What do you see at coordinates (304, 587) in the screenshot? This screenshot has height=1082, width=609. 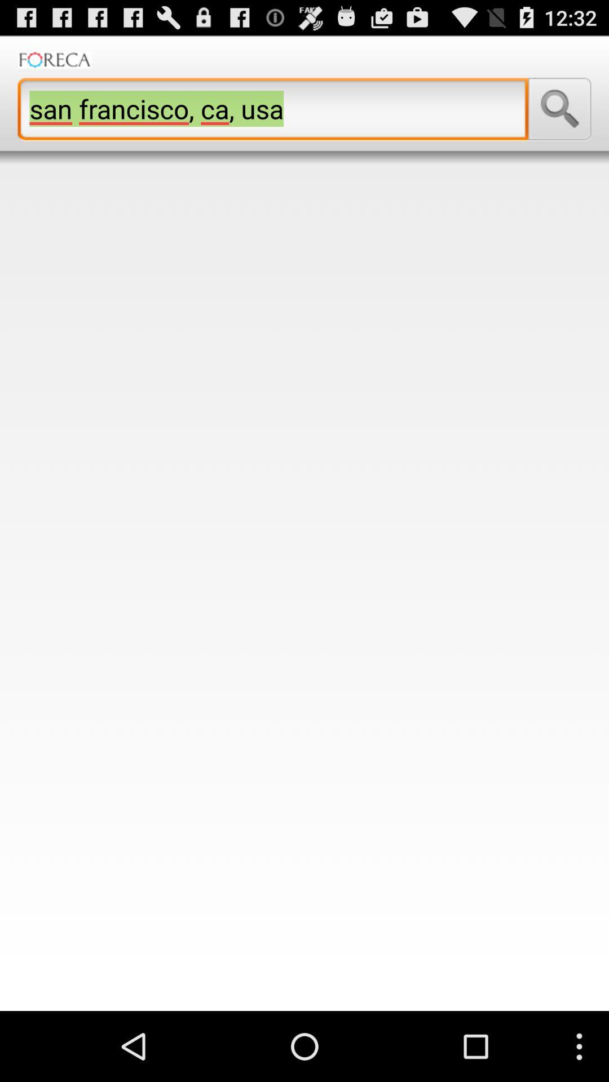 I see `the item at the center` at bounding box center [304, 587].